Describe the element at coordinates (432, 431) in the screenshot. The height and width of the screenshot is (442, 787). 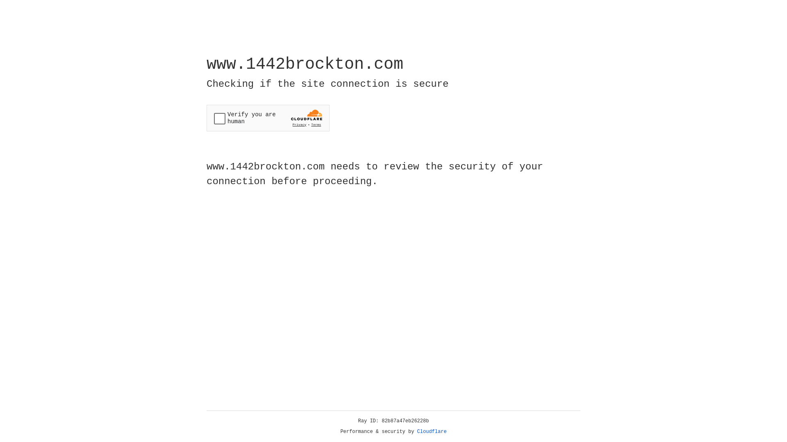
I see `'Cloudflare'` at that location.